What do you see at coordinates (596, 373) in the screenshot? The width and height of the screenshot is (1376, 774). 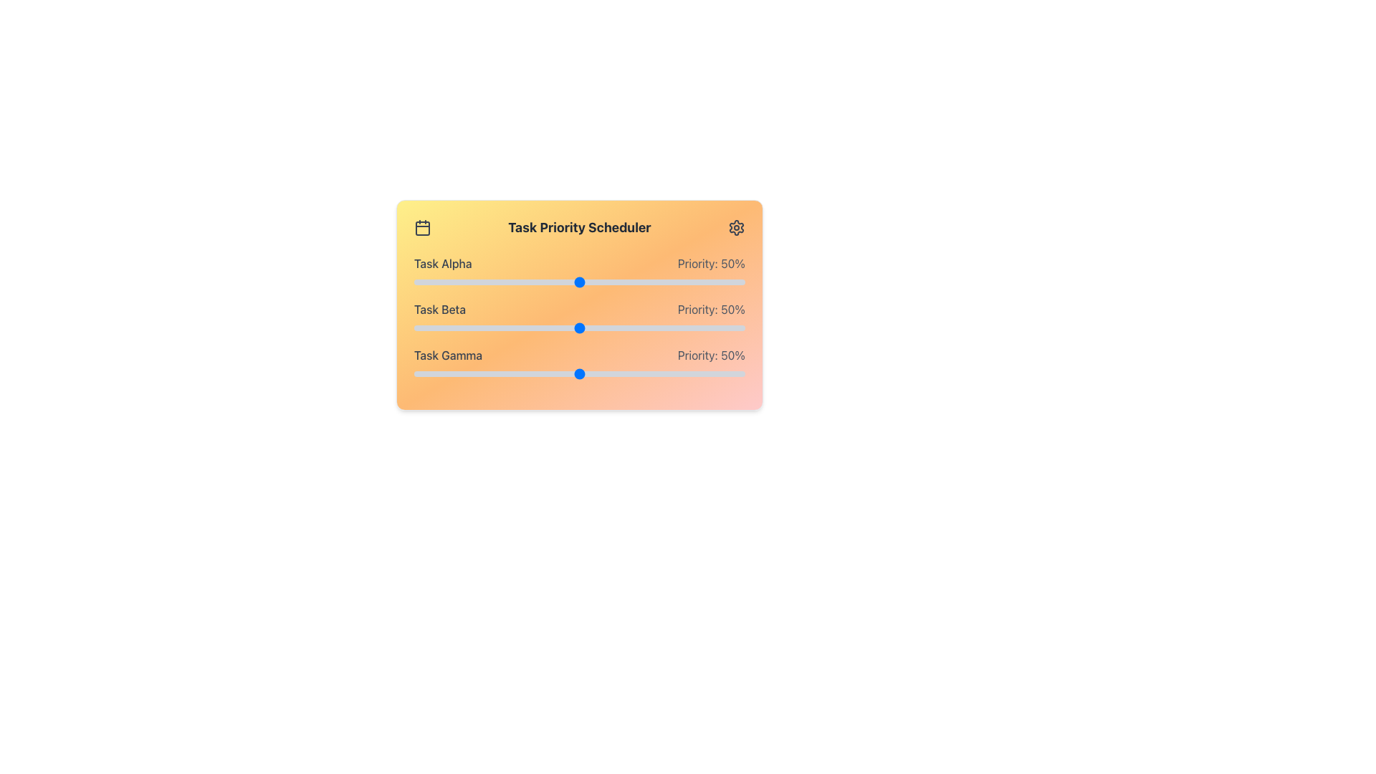 I see `the priority of Task Gamma` at bounding box center [596, 373].